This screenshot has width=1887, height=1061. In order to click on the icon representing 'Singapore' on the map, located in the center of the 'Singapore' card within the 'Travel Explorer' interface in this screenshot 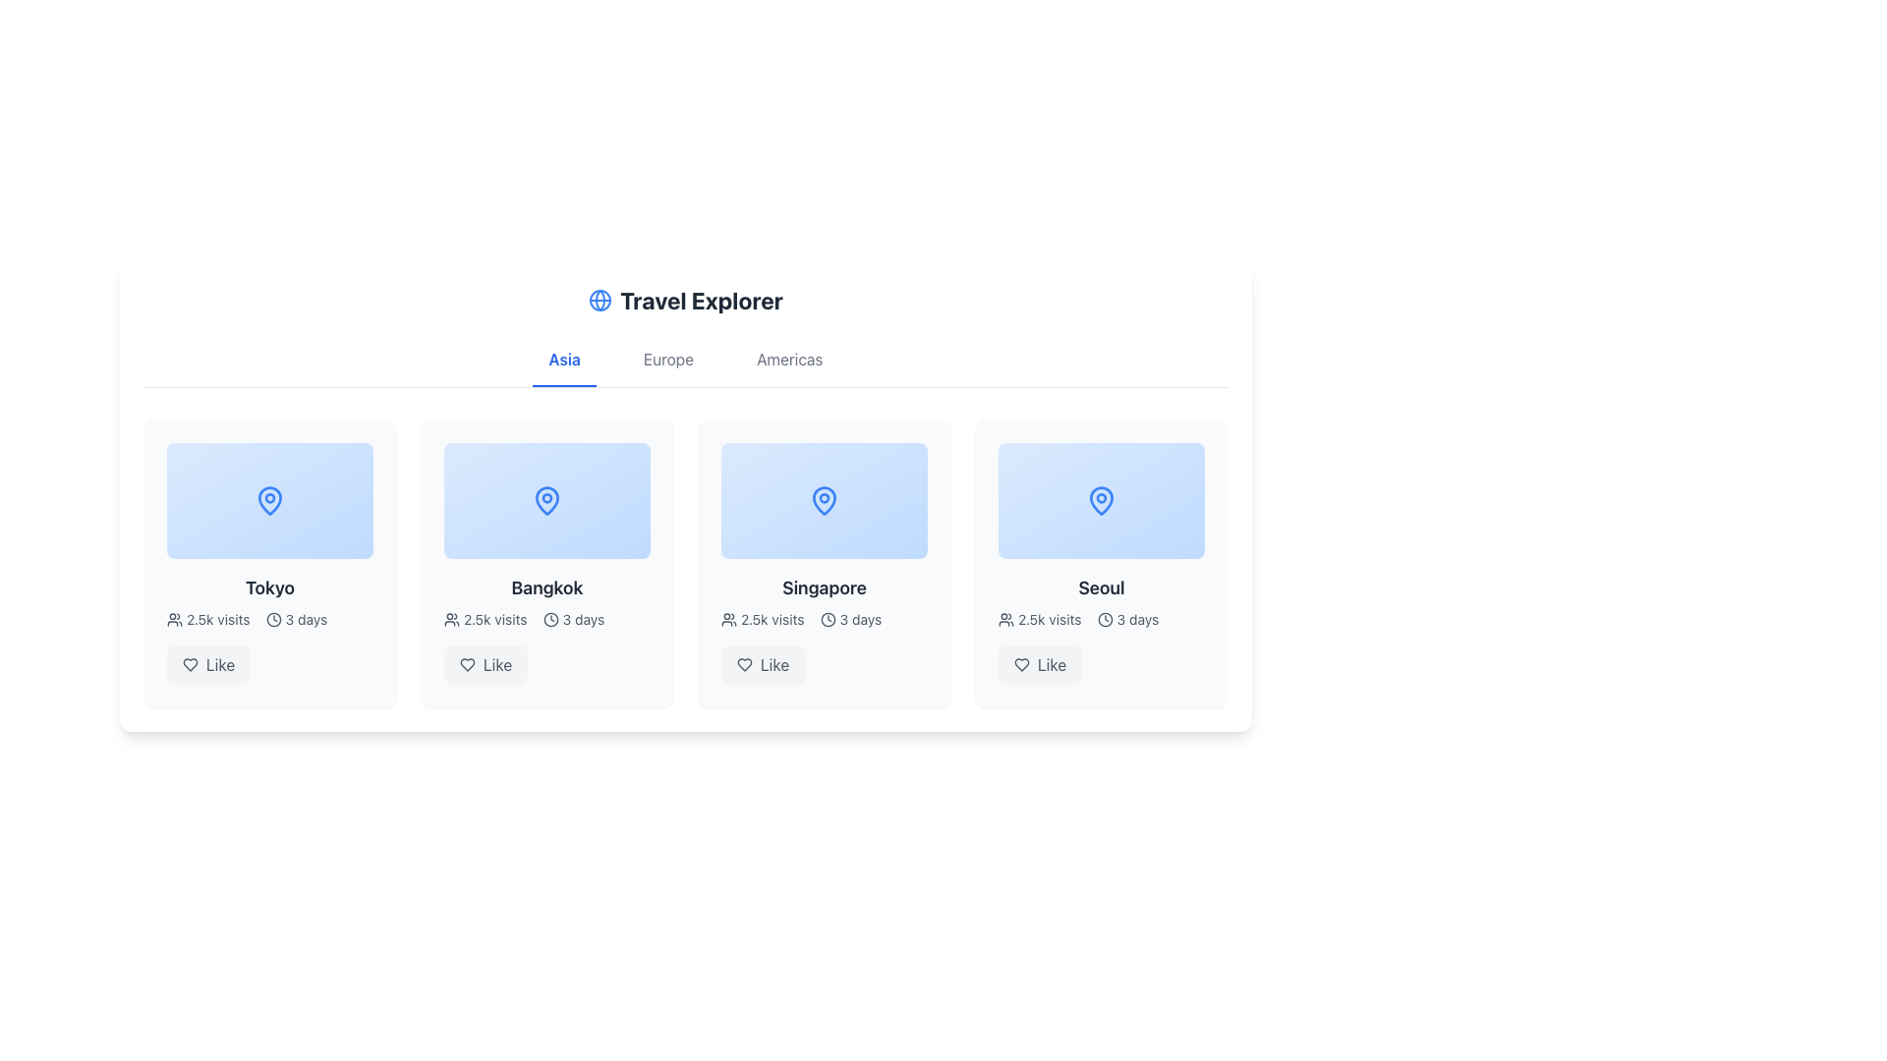, I will do `click(825, 499)`.